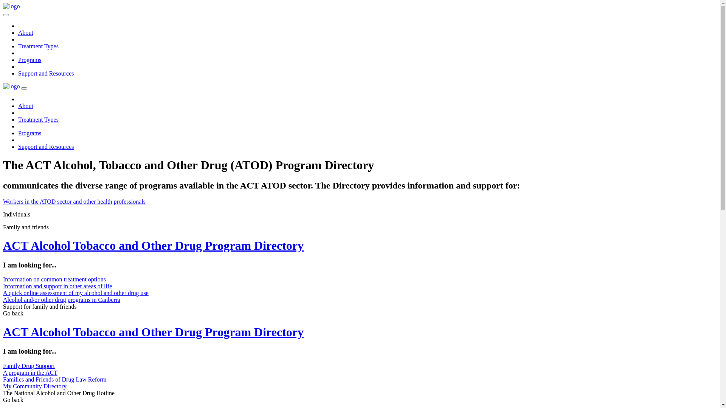  What do you see at coordinates (13, 399) in the screenshot?
I see `'Go back'` at bounding box center [13, 399].